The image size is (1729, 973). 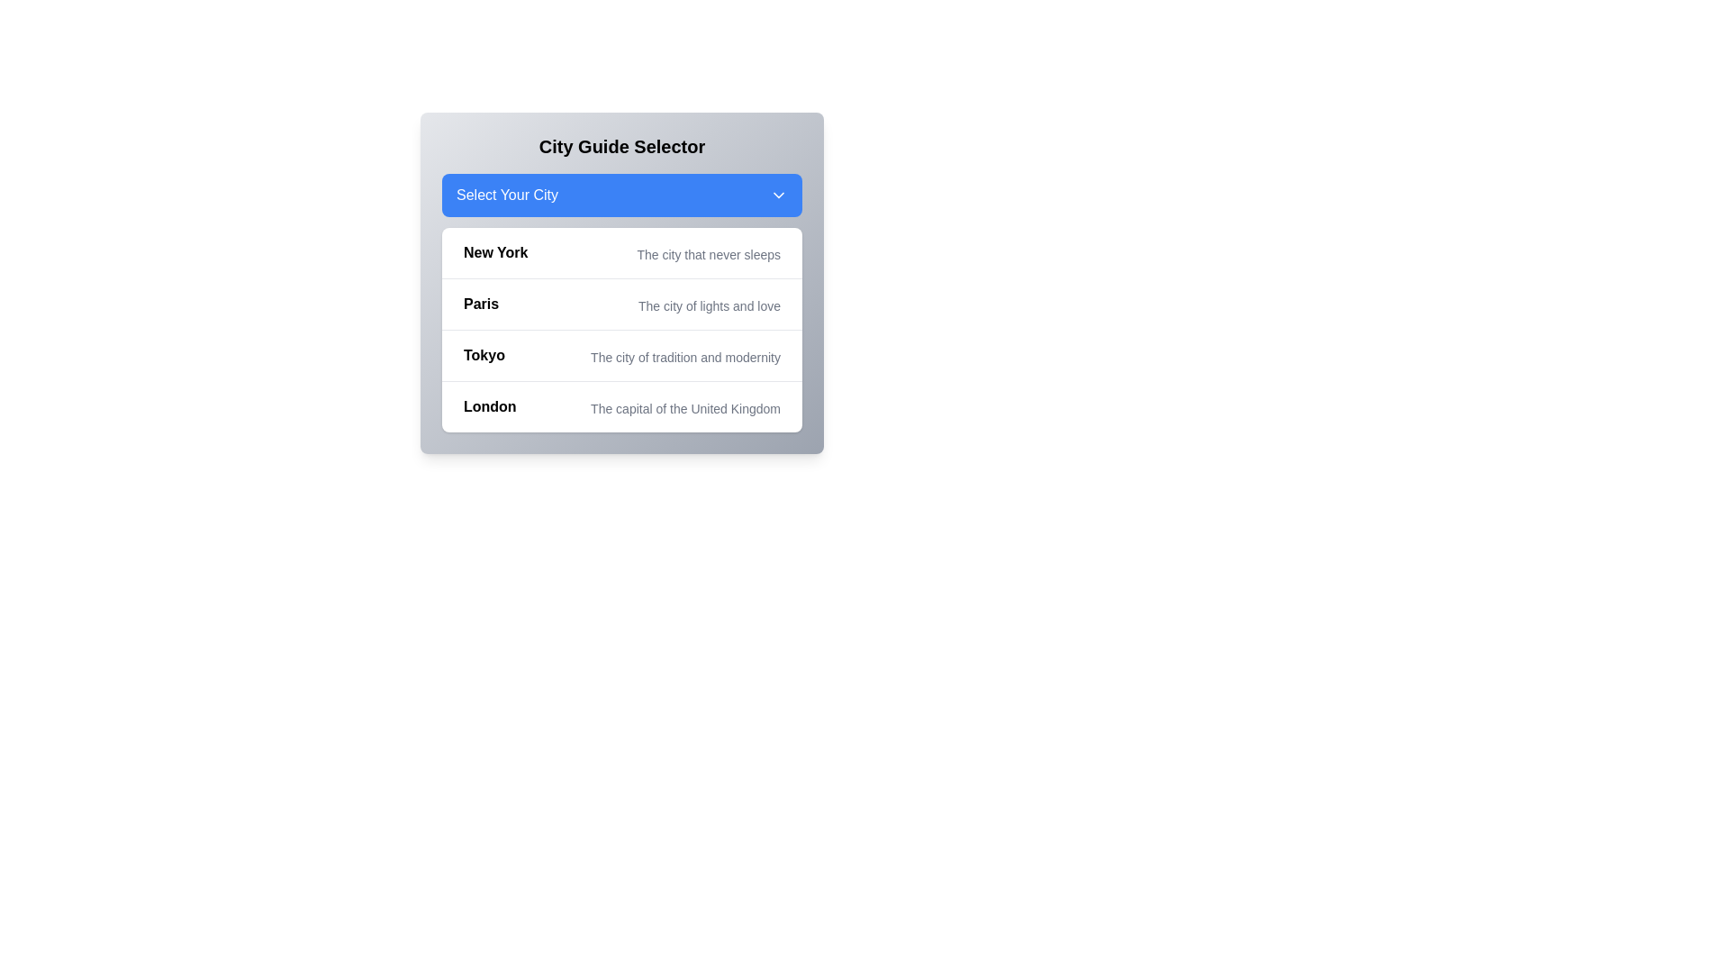 What do you see at coordinates (708, 305) in the screenshot?
I see `the static text label displaying 'The city of lights and love,' which is positioned directly beneath the primary label 'Paris' in the dropdown interface` at bounding box center [708, 305].